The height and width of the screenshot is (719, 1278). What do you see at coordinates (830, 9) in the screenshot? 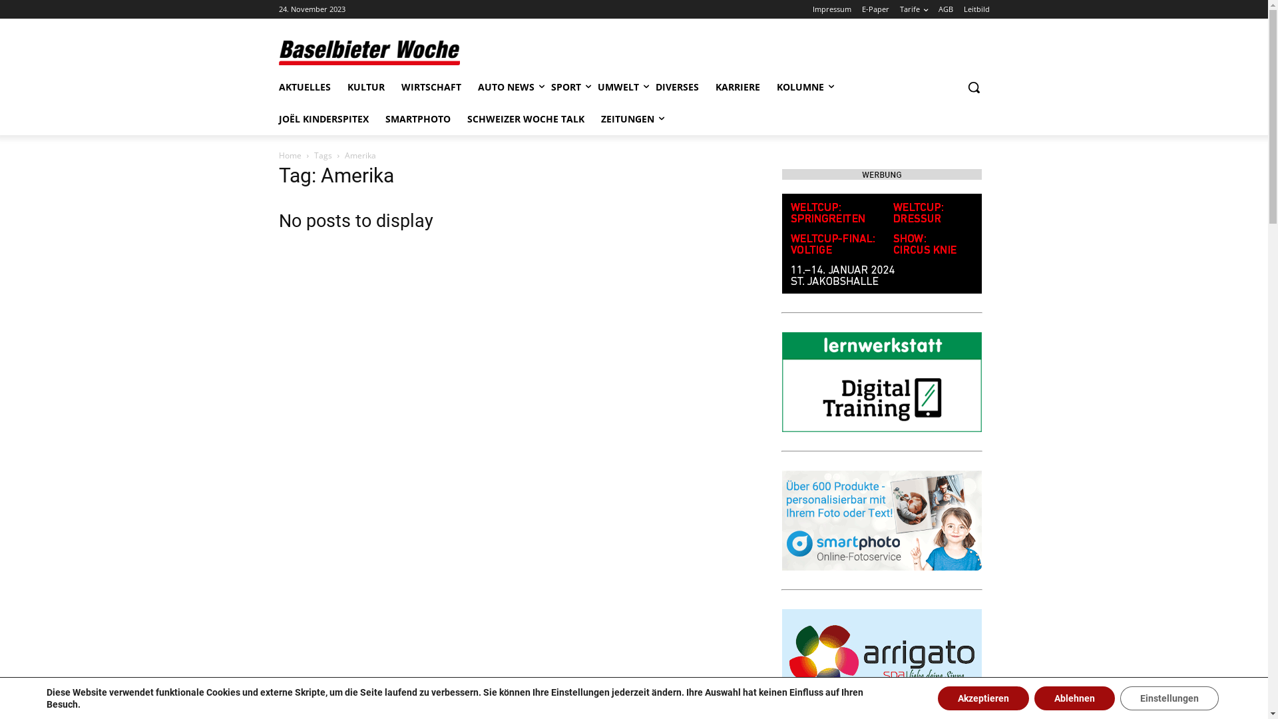
I see `'Impressum'` at bounding box center [830, 9].